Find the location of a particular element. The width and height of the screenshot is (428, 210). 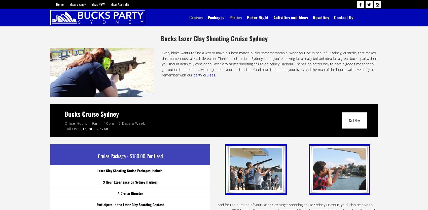

'A Cruise Director' is located at coordinates (117, 193).